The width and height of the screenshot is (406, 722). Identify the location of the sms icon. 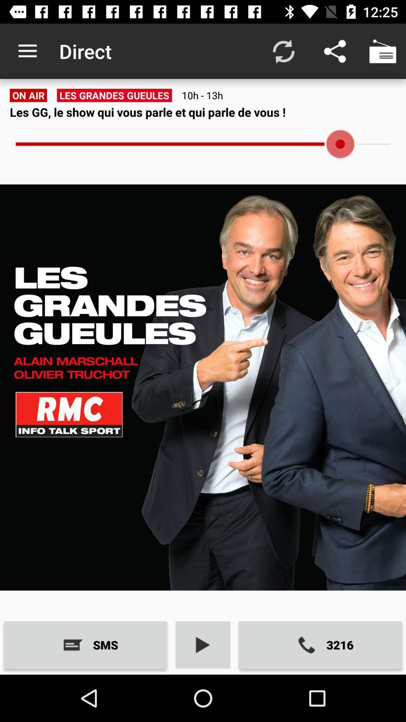
(85, 645).